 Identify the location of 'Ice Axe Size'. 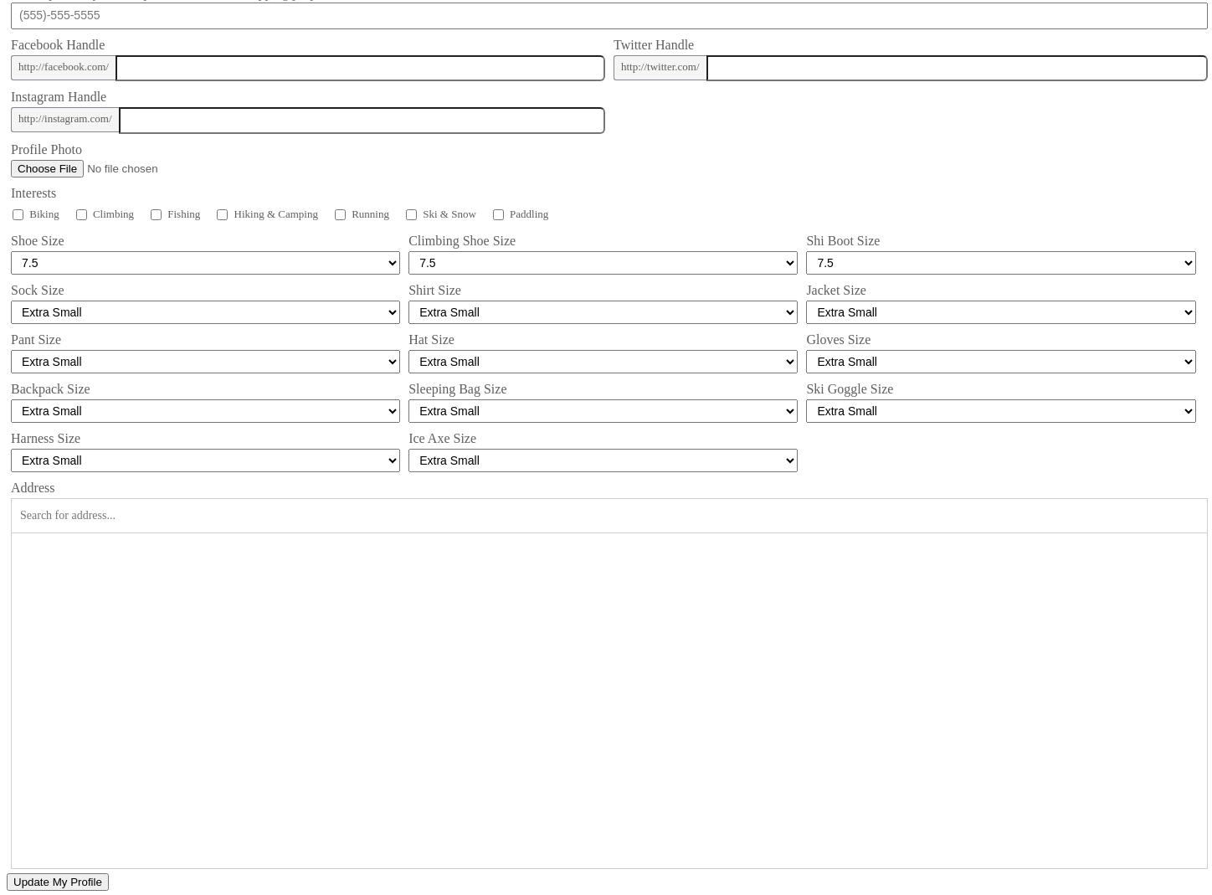
(441, 437).